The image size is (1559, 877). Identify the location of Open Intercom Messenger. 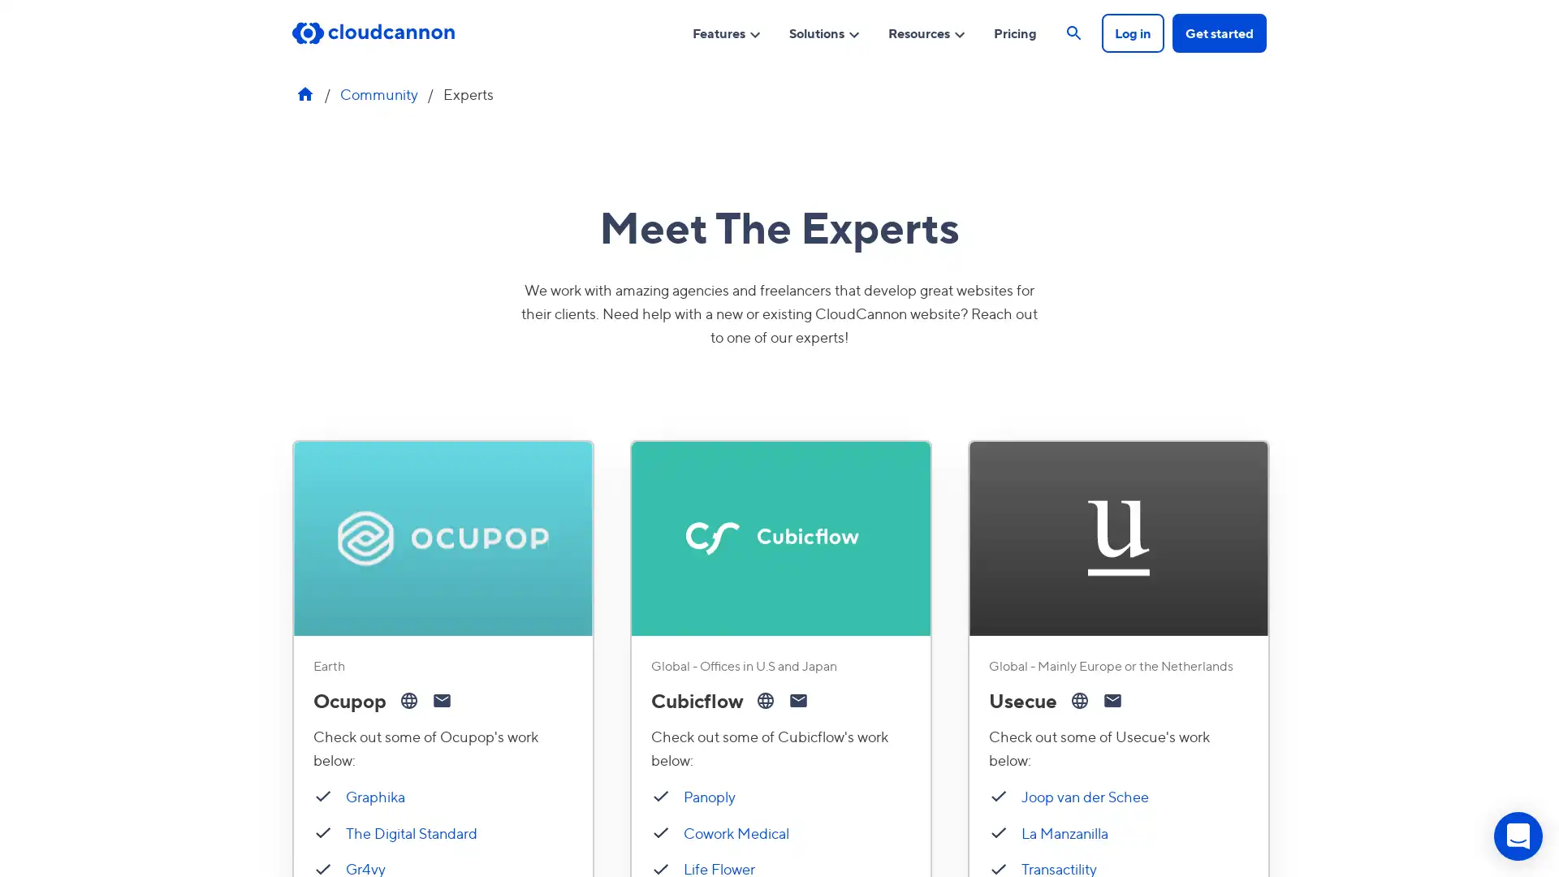
(1518, 836).